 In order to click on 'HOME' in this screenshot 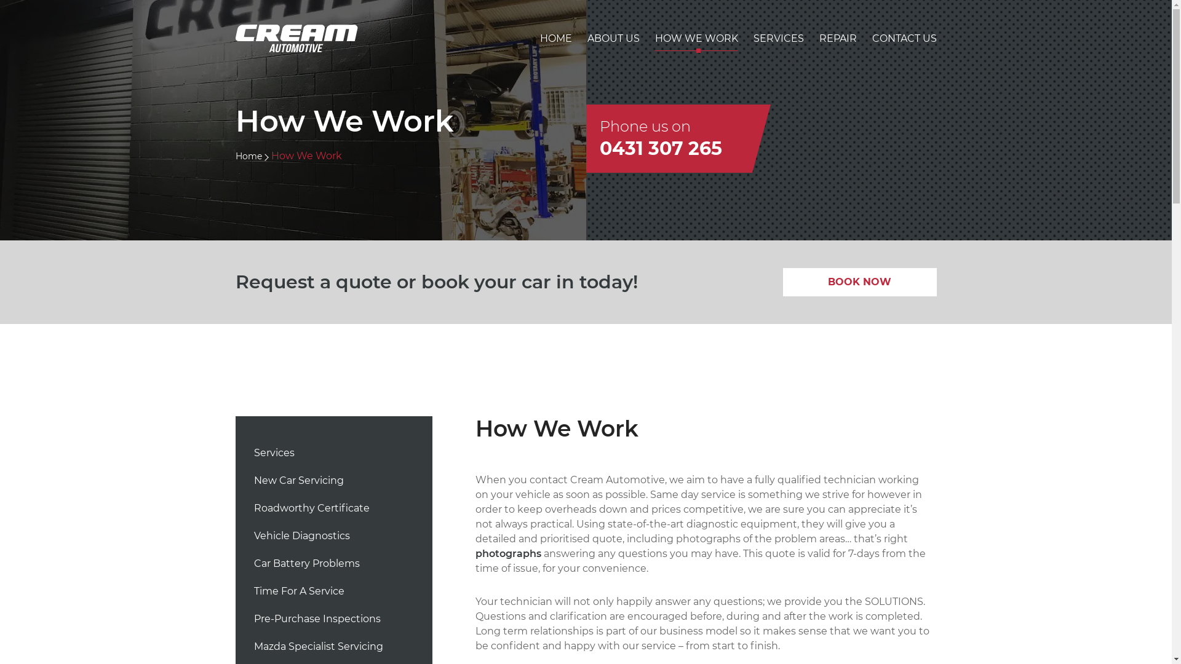, I will do `click(555, 42)`.